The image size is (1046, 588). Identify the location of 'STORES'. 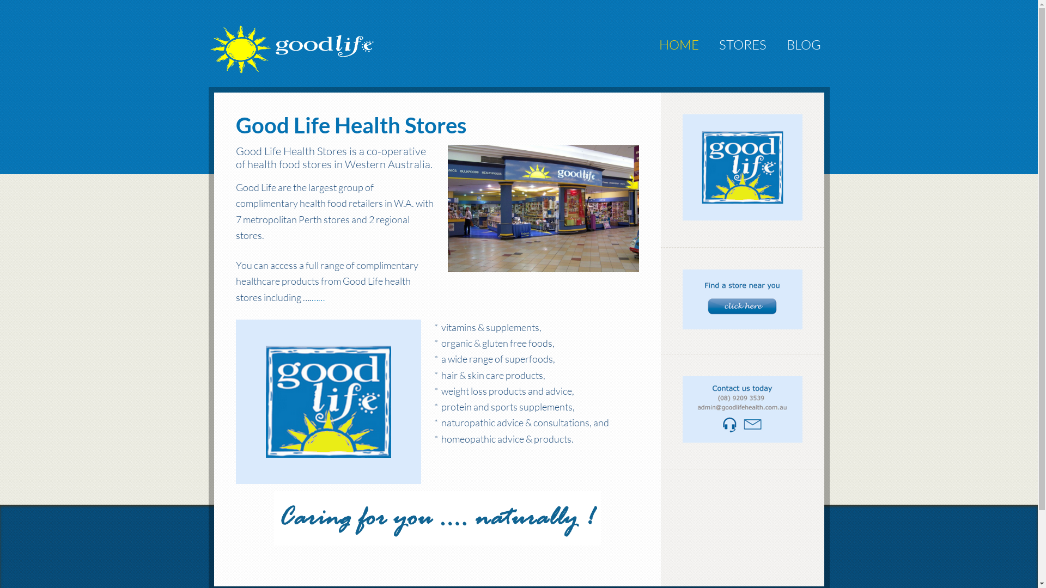
(710, 44).